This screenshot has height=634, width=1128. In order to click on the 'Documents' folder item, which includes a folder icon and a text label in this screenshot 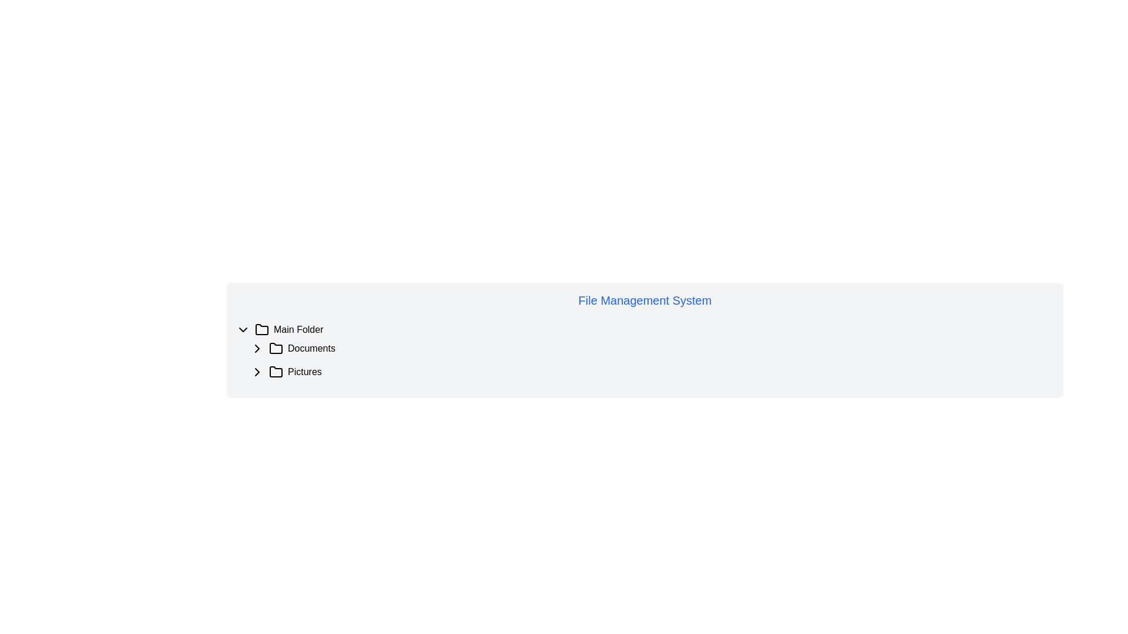, I will do `click(302, 348)`.